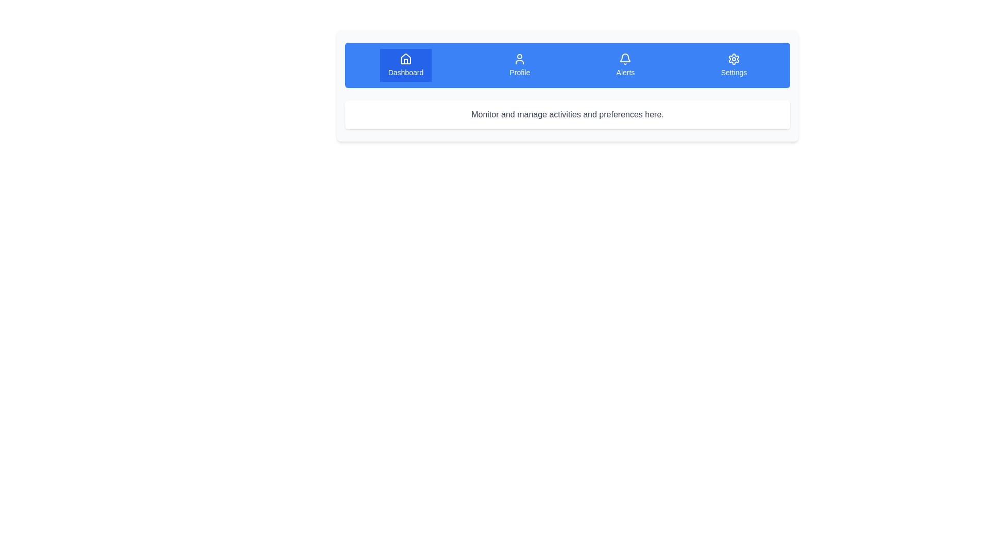 This screenshot has height=556, width=989. What do you see at coordinates (520, 59) in the screenshot?
I see `the profile icon button, which resembles a user profile silhouette in white on a blue circular background, located in the navigation bar as the second option labeled 'Profile'` at bounding box center [520, 59].